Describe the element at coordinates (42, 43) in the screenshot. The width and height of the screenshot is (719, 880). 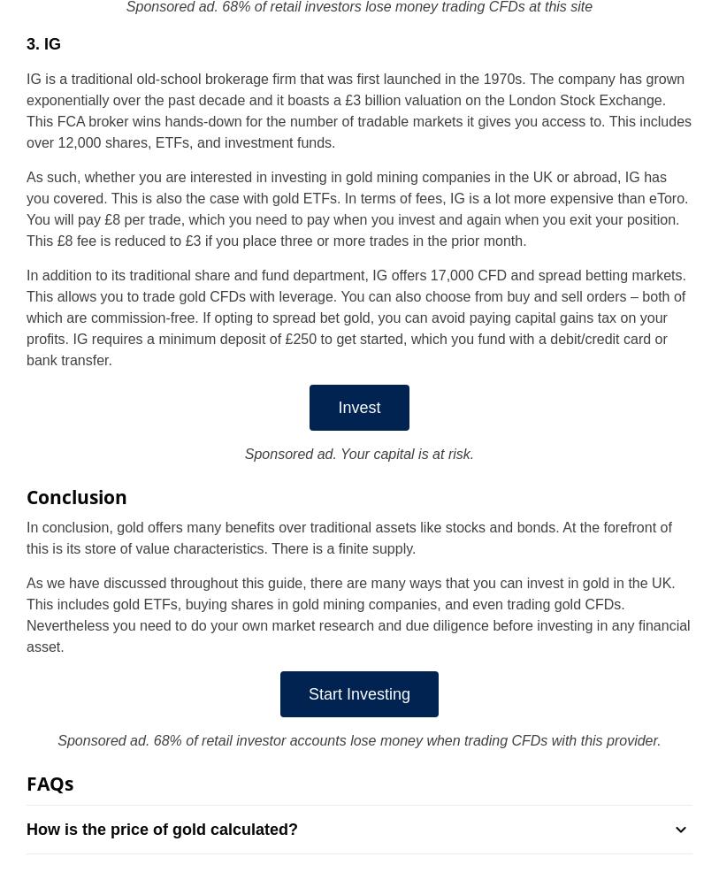
I see `'3. IG'` at that location.